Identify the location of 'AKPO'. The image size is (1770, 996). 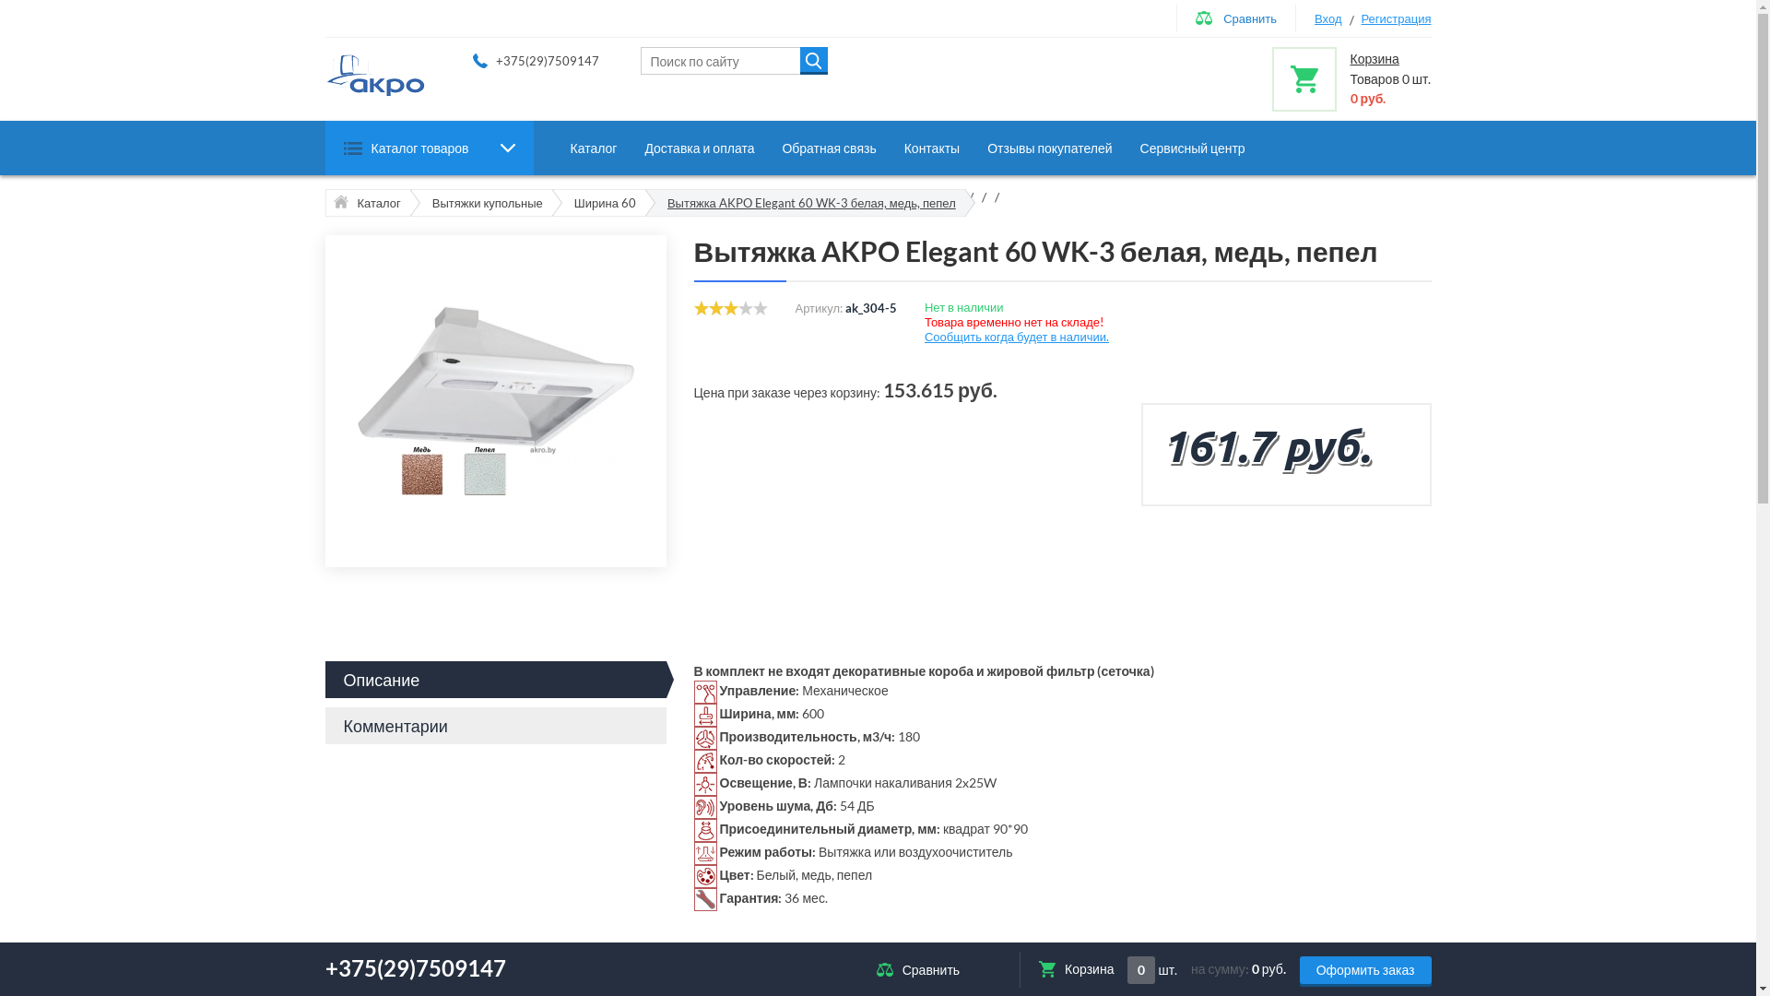
(374, 74).